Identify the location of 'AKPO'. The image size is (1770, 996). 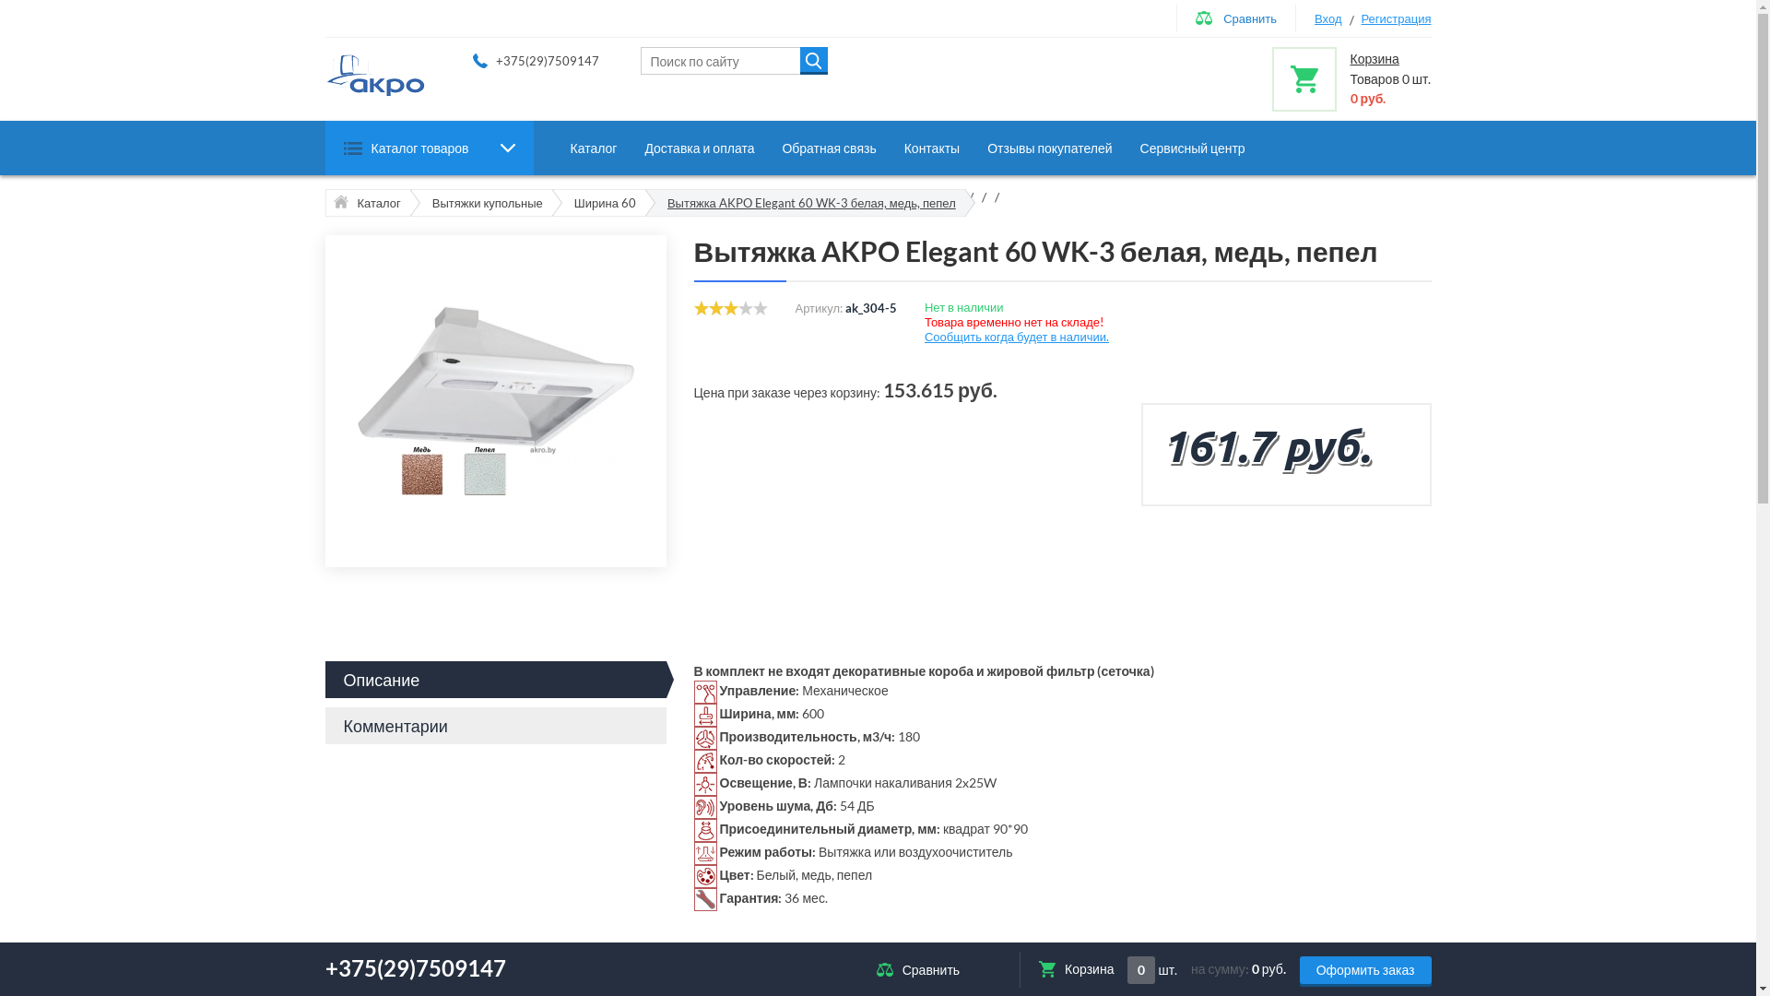
(374, 74).